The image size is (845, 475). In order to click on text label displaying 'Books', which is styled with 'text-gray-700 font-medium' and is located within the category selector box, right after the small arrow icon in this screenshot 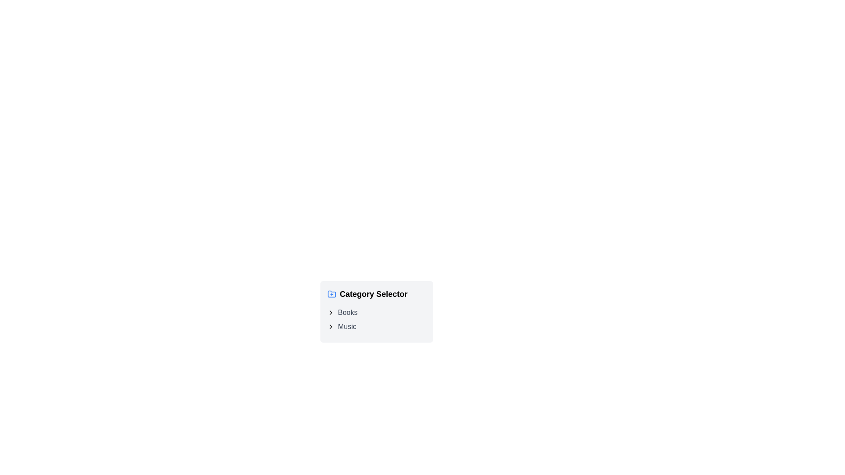, I will do `click(347, 312)`.